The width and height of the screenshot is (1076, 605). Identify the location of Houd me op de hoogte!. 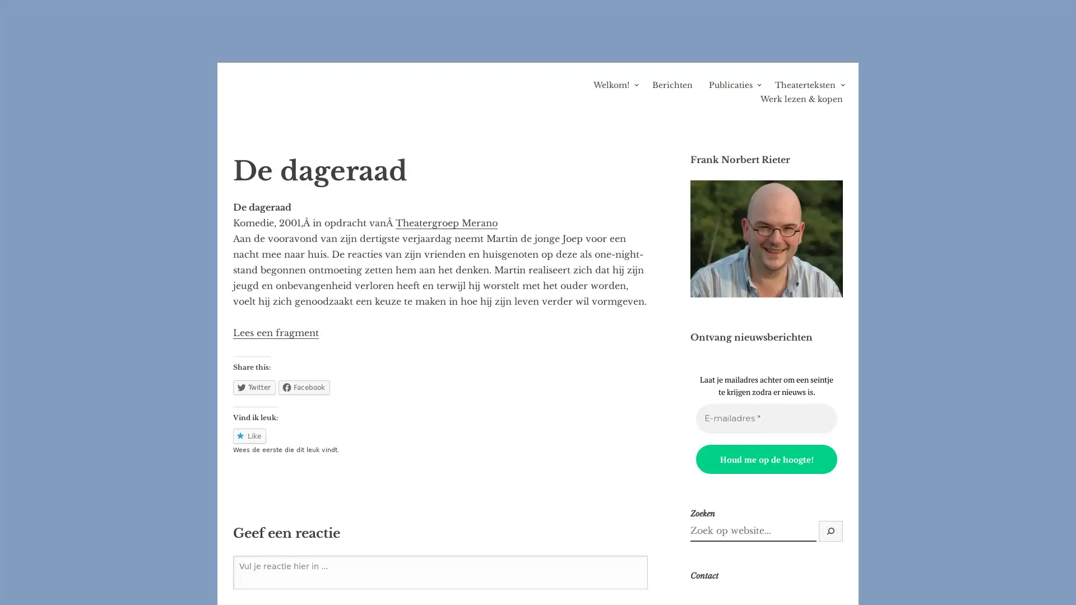
(766, 459).